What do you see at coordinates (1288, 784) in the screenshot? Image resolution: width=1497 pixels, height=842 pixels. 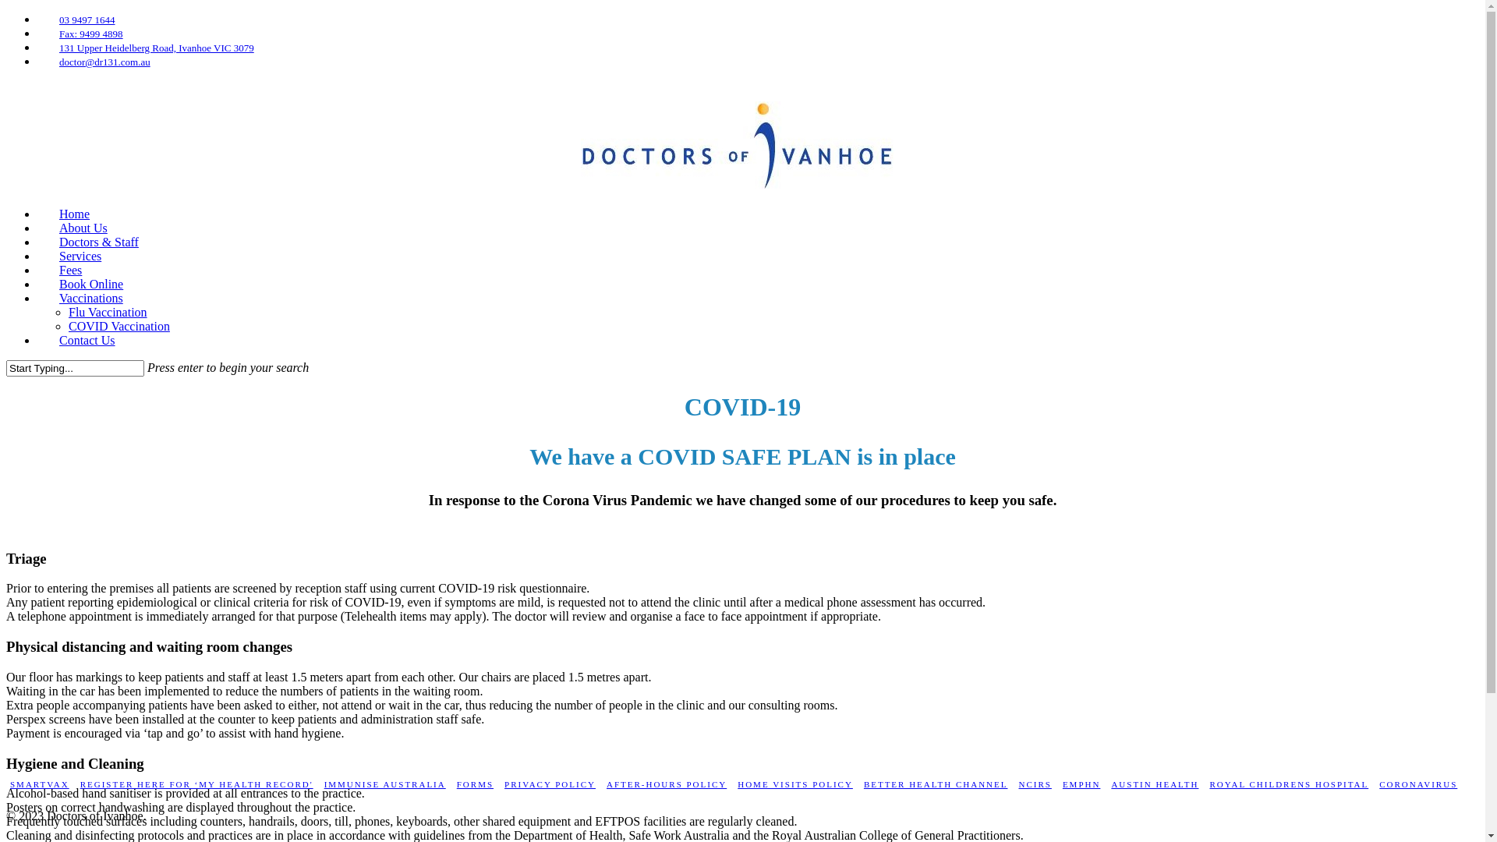 I see `'ROYAL CHILDRENS HOSPITAL'` at bounding box center [1288, 784].